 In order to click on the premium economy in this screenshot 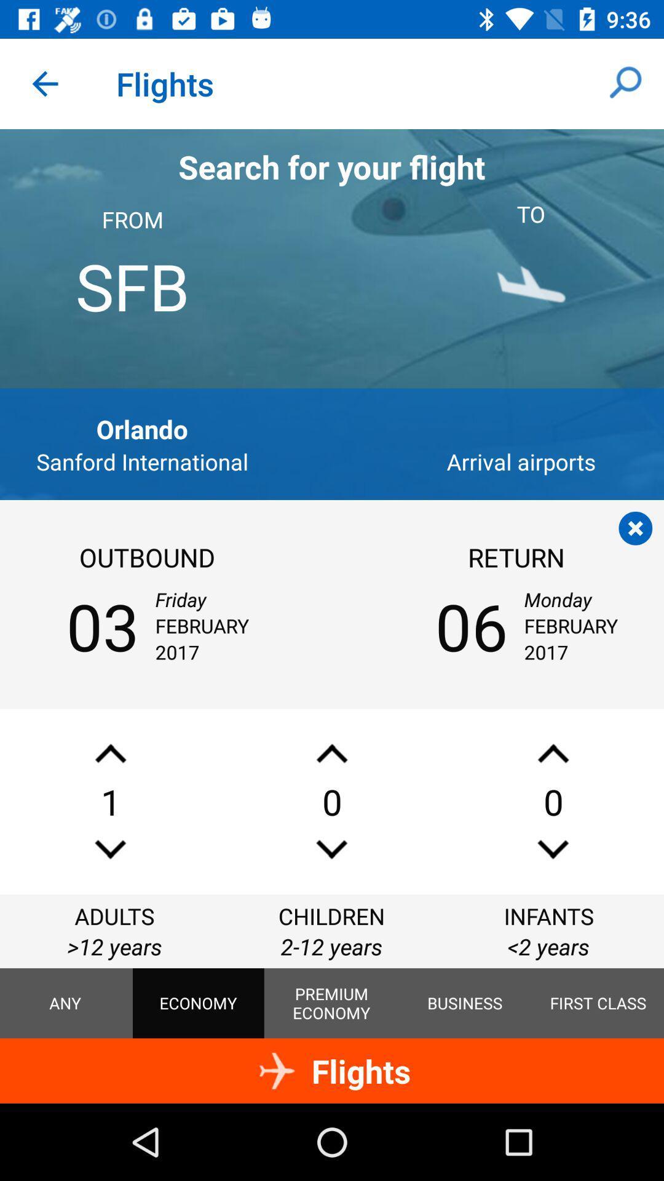, I will do `click(331, 1003)`.